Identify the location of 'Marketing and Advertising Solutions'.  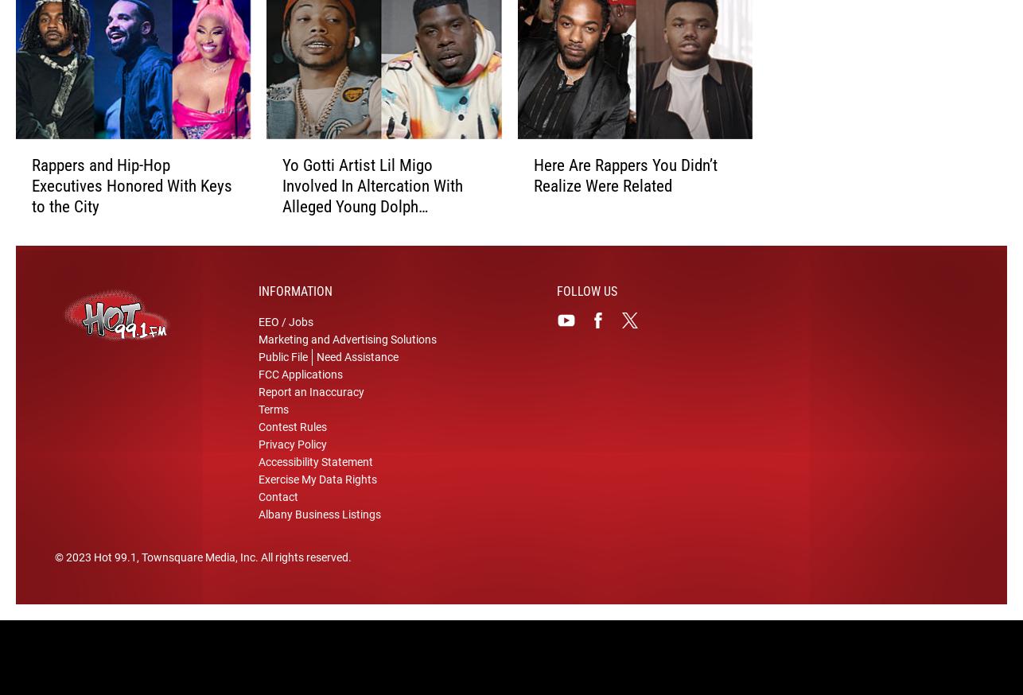
(346, 347).